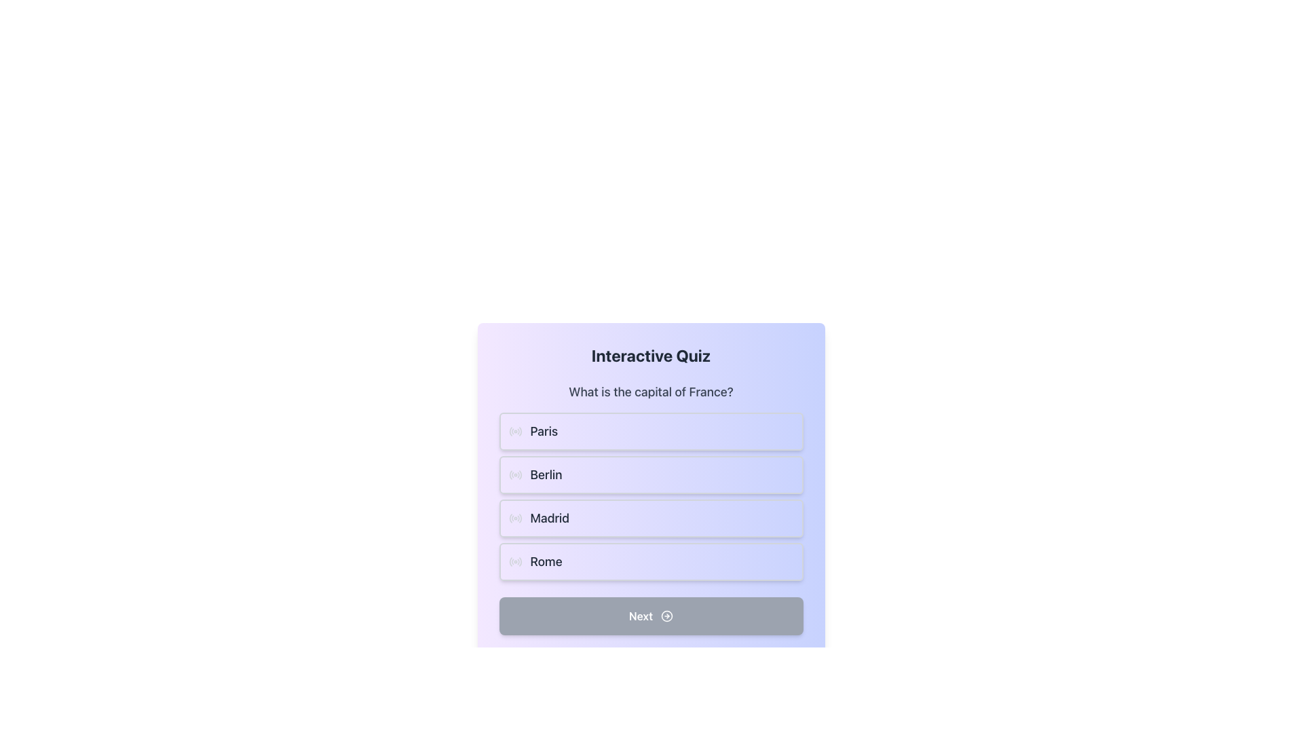 This screenshot has height=733, width=1303. What do you see at coordinates (544, 432) in the screenshot?
I see `the 'Paris' text label within the first option row of the quiz interface` at bounding box center [544, 432].